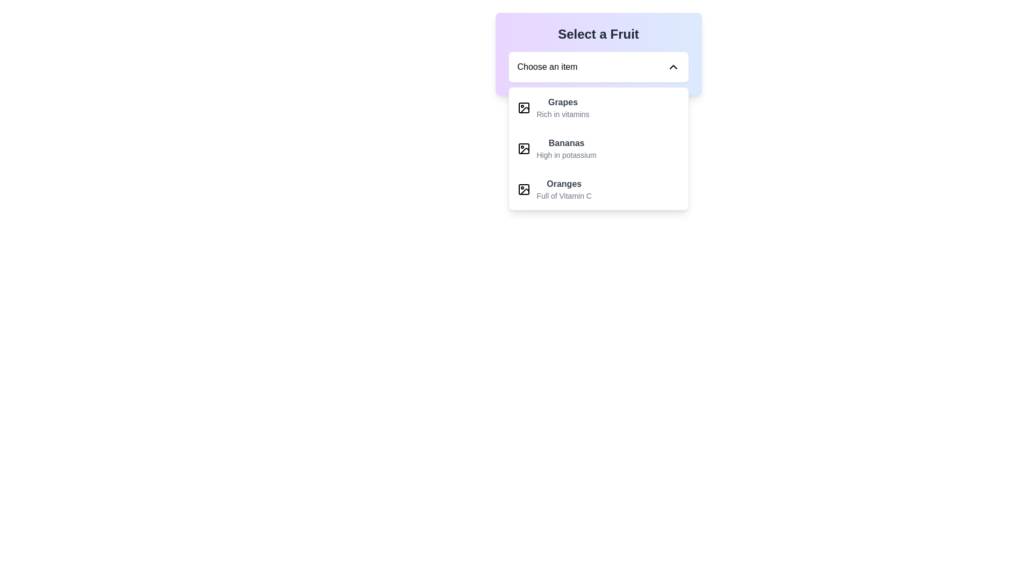 Image resolution: width=1032 pixels, height=580 pixels. Describe the element at coordinates (672, 67) in the screenshot. I see `the downward-pointing chevron icon indicating a dropdown toggle located at the far right end of the 'Choose an item' text box` at that location.